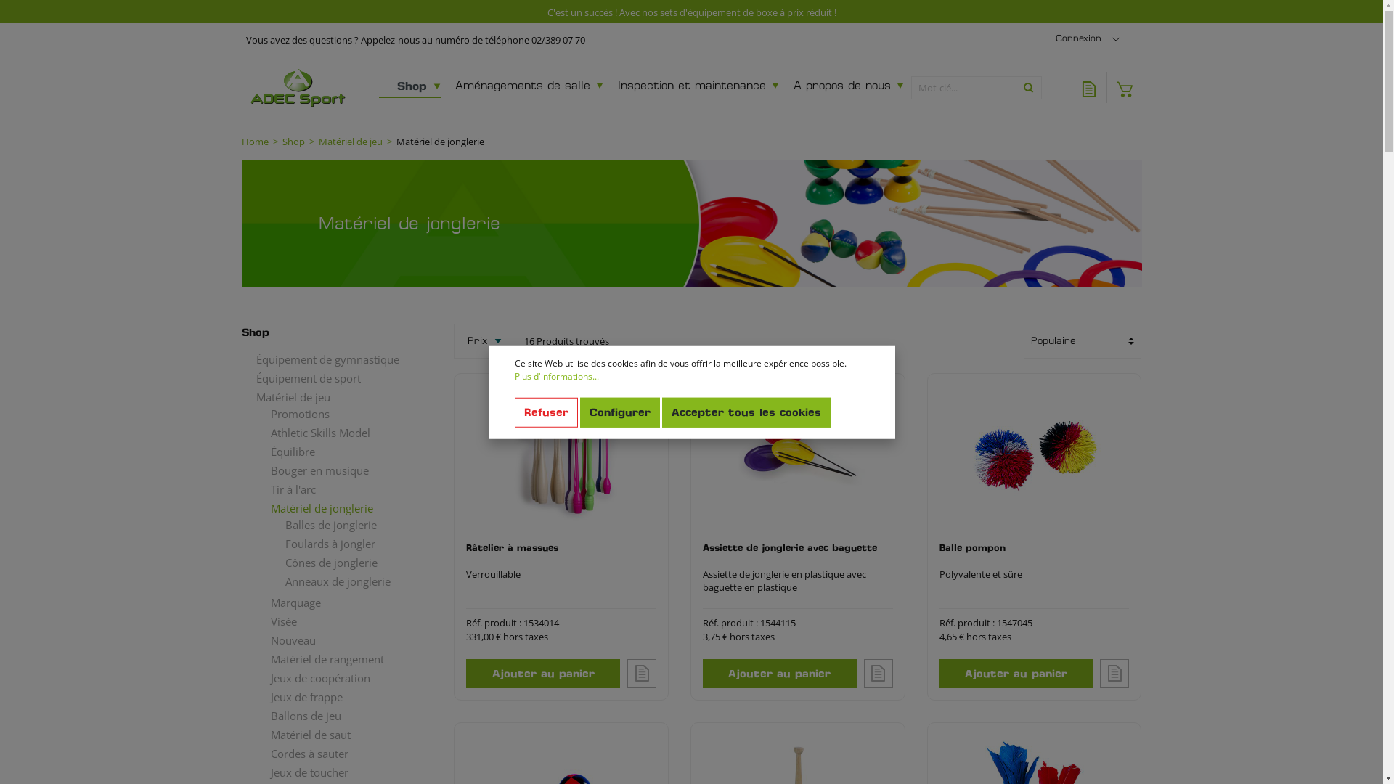 Image resolution: width=1394 pixels, height=784 pixels. What do you see at coordinates (254, 142) in the screenshot?
I see `'Home'` at bounding box center [254, 142].